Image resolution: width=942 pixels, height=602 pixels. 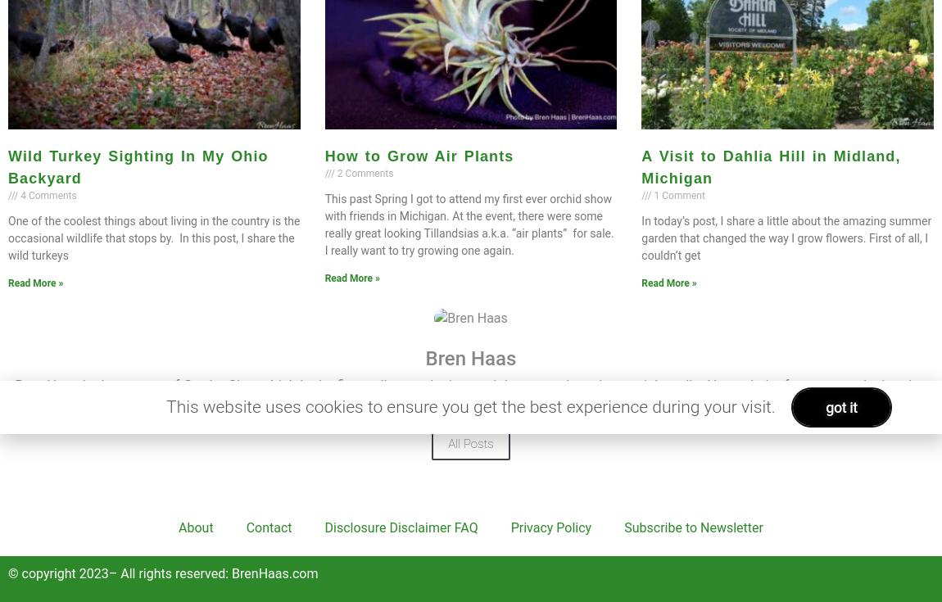 I want to click on 'got it', so click(x=840, y=407).